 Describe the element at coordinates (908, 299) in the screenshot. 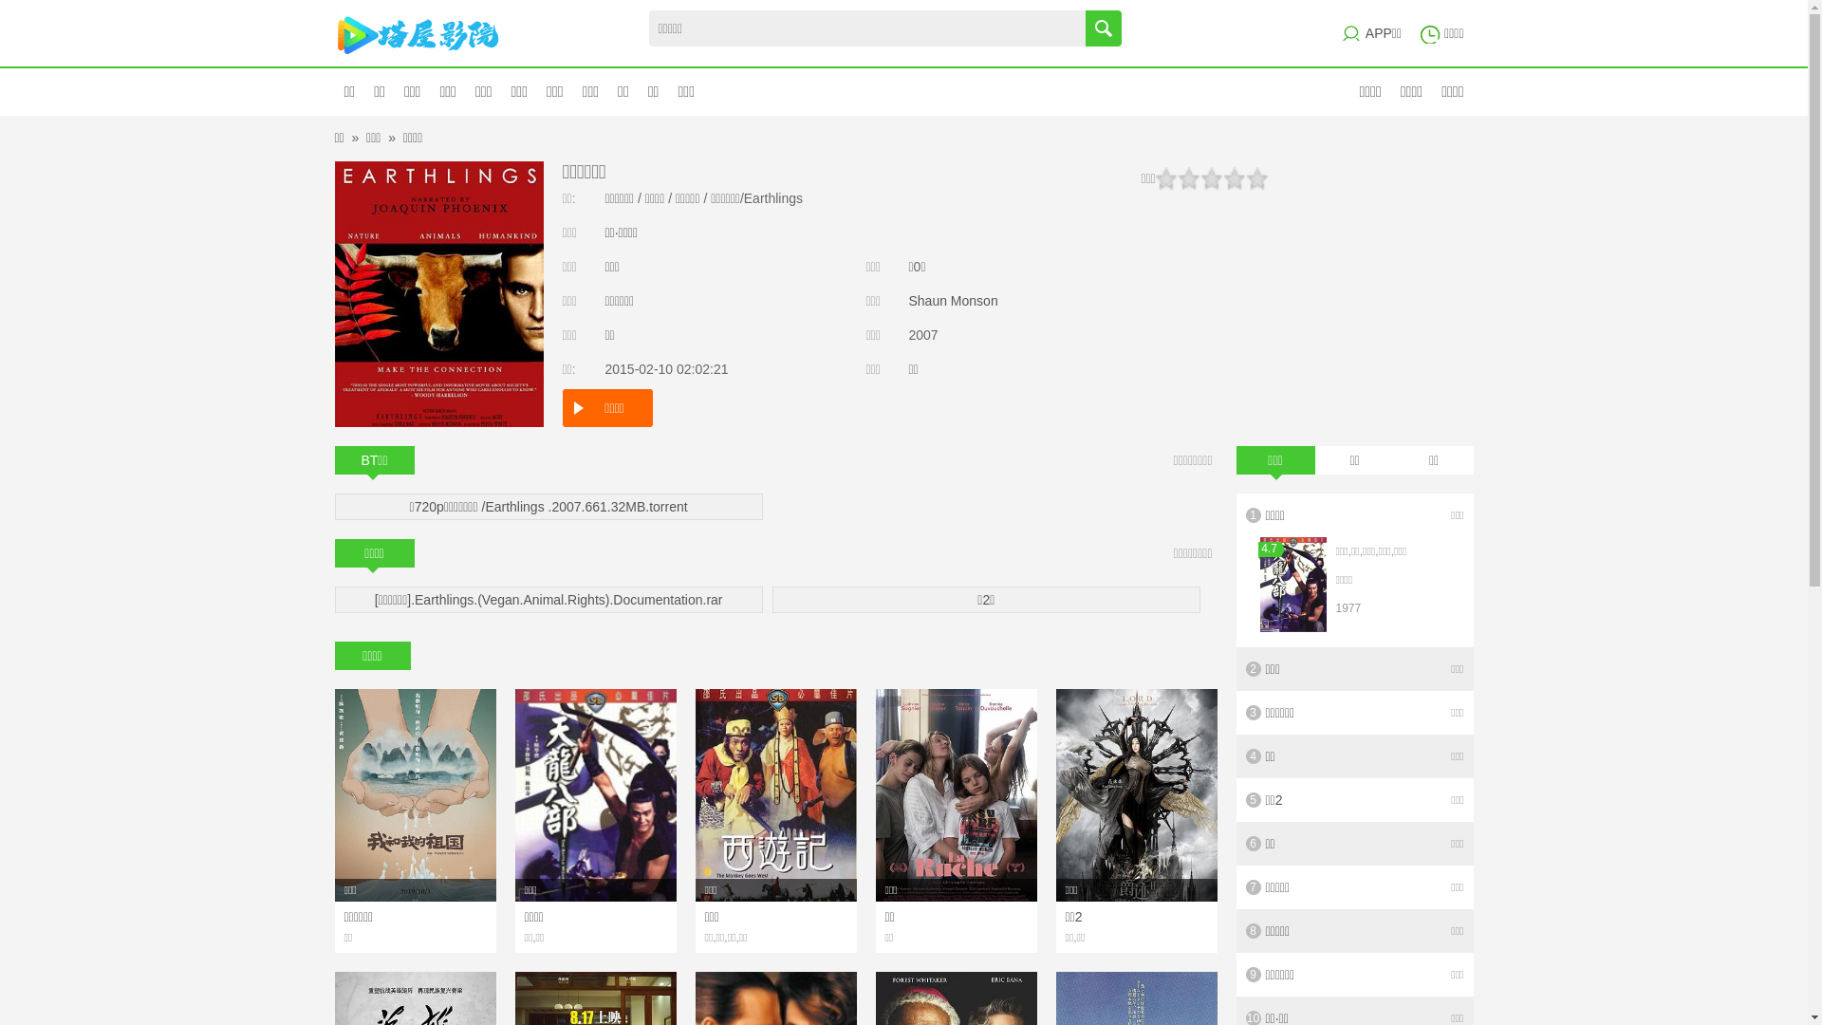

I see `'Shaun Monson'` at that location.